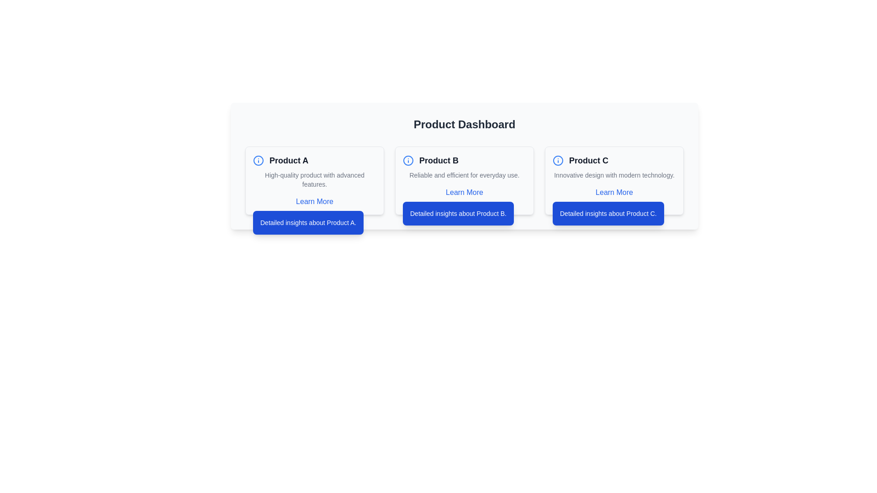 This screenshot has height=493, width=877. What do you see at coordinates (438, 160) in the screenshot?
I see `text label displaying 'Product B' which is in bold, large font, located in the center card of a horizontally aligned collection` at bounding box center [438, 160].